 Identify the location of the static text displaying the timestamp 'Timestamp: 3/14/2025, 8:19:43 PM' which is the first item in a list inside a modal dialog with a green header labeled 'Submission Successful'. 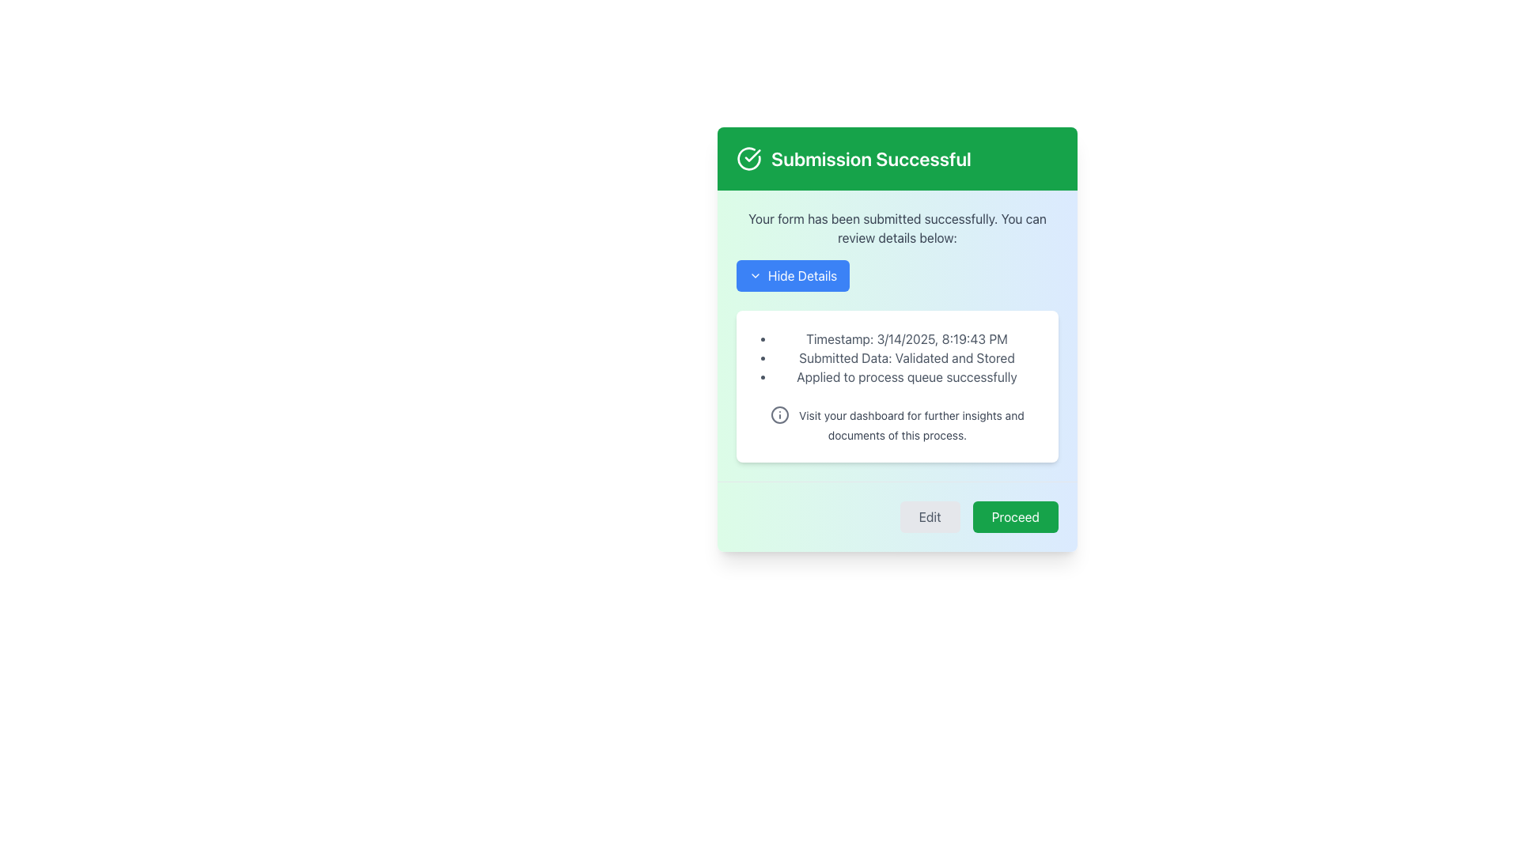
(907, 338).